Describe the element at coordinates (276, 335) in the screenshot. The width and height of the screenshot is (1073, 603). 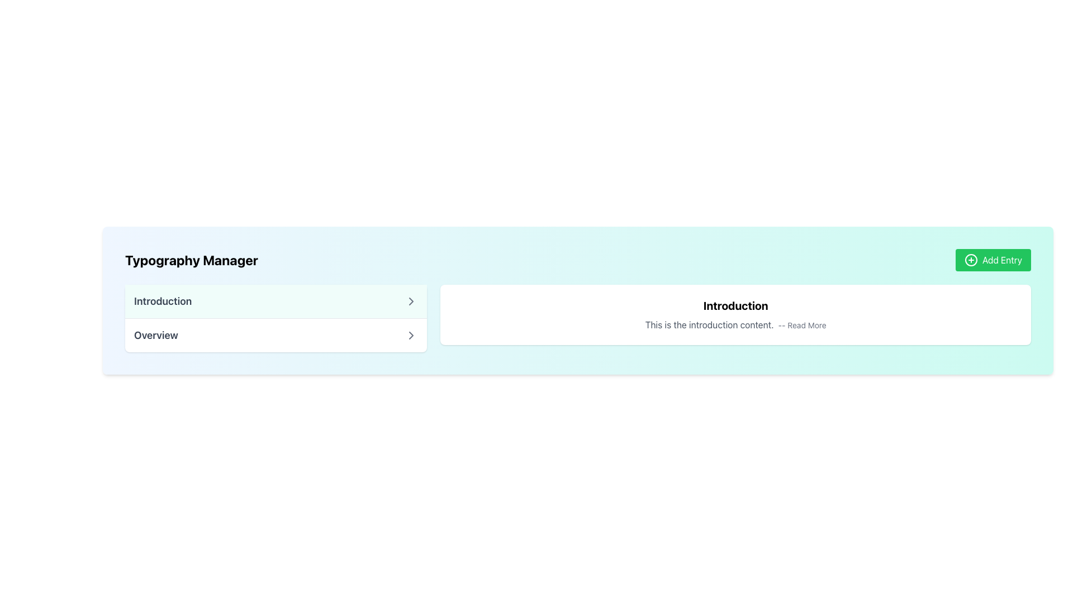
I see `the 'Overview' list item element` at that location.